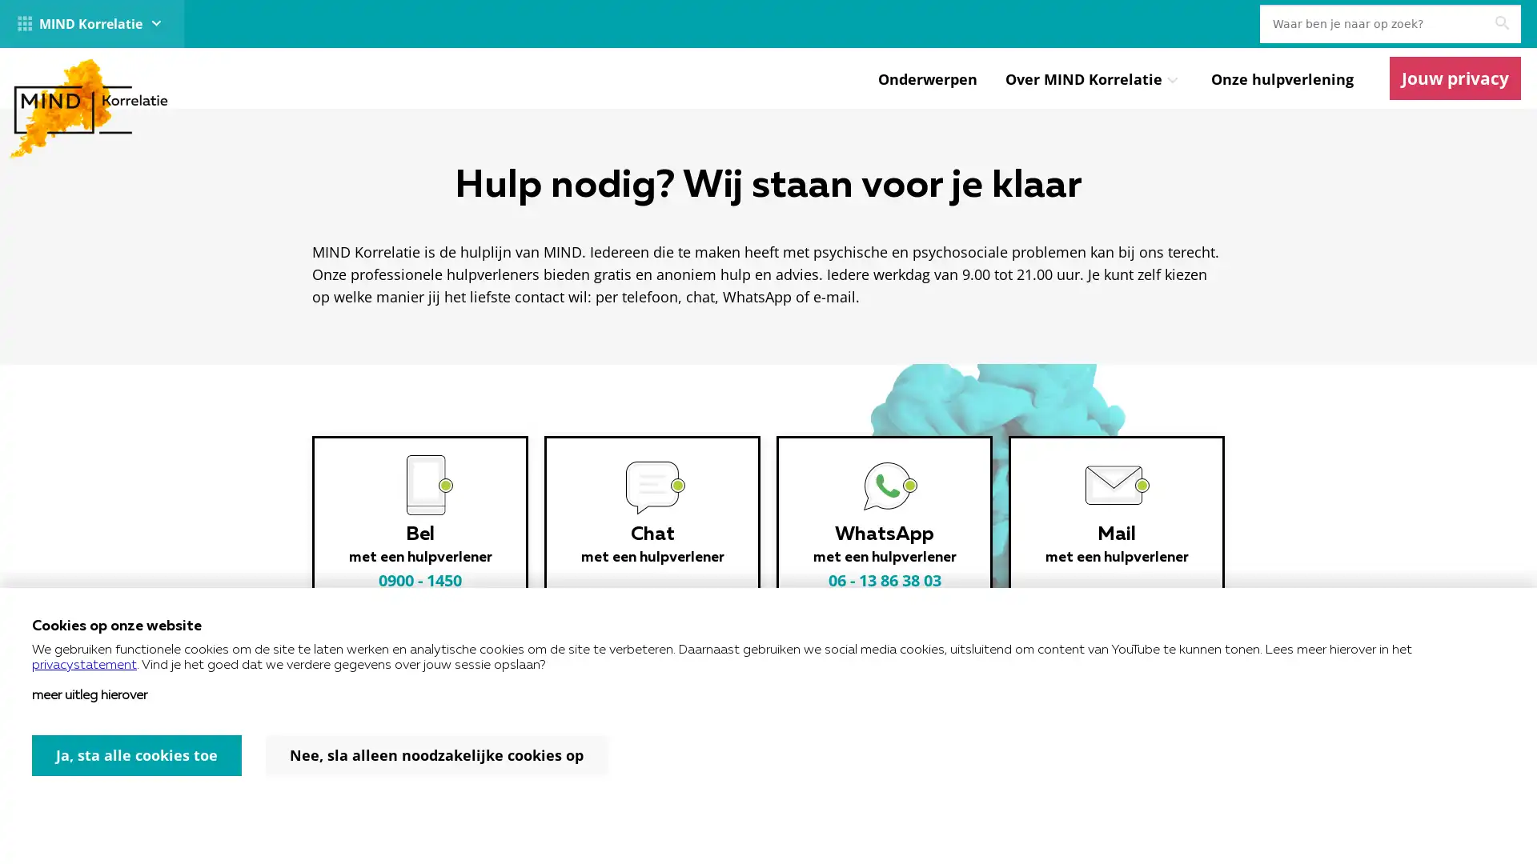 Image resolution: width=1537 pixels, height=864 pixels. I want to click on Nee, sla alleen noodzakelijke cookies op, so click(436, 755).